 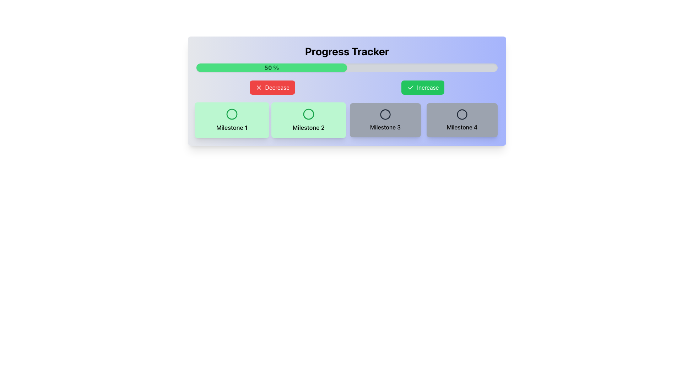 What do you see at coordinates (385, 114) in the screenshot?
I see `the center circle of the 'Milestone 3' button, which visually represents a milestone indicator for current status or progress level` at bounding box center [385, 114].